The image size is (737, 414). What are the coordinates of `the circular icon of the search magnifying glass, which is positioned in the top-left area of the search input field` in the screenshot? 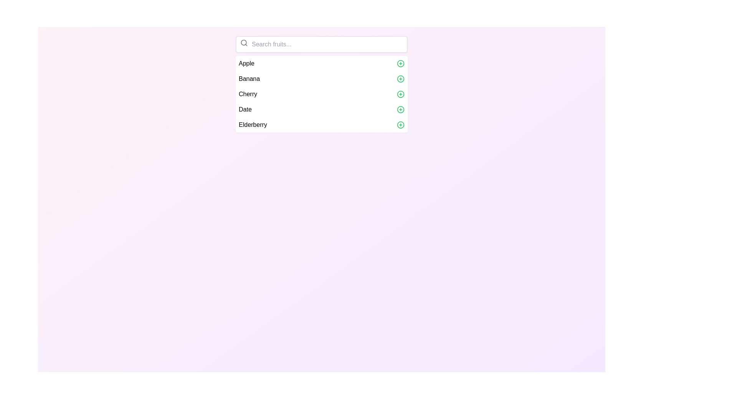 It's located at (243, 43).